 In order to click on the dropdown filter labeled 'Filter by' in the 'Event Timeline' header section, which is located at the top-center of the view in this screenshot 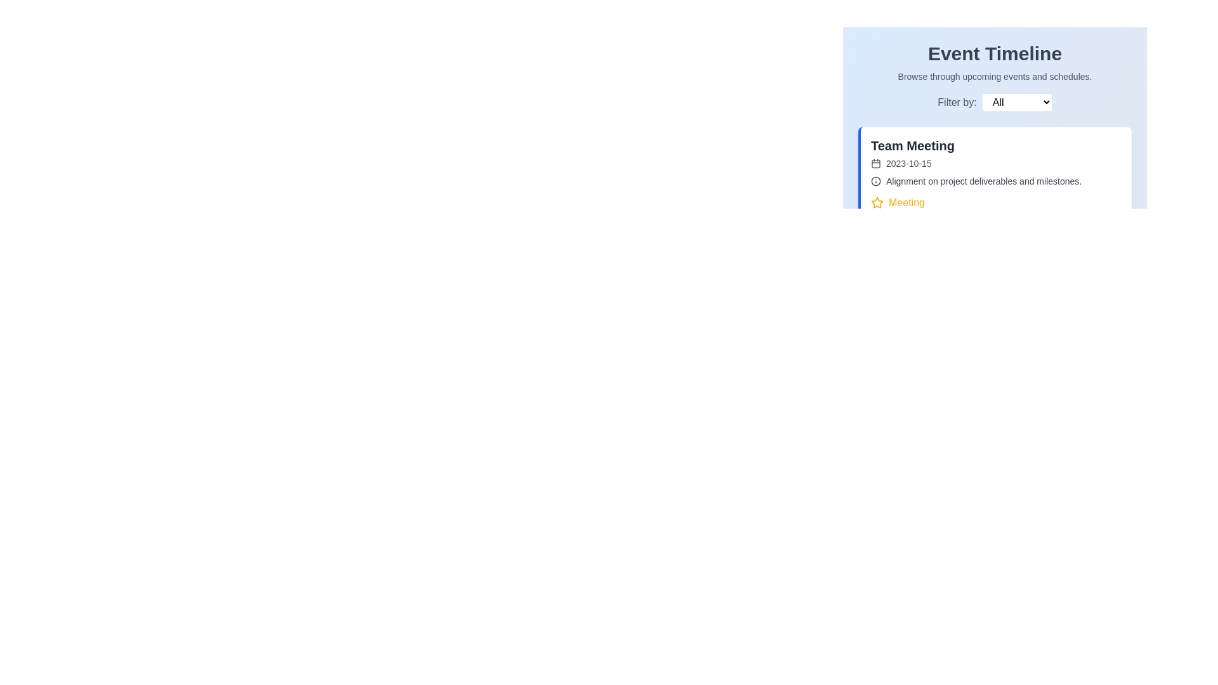, I will do `click(994, 77)`.